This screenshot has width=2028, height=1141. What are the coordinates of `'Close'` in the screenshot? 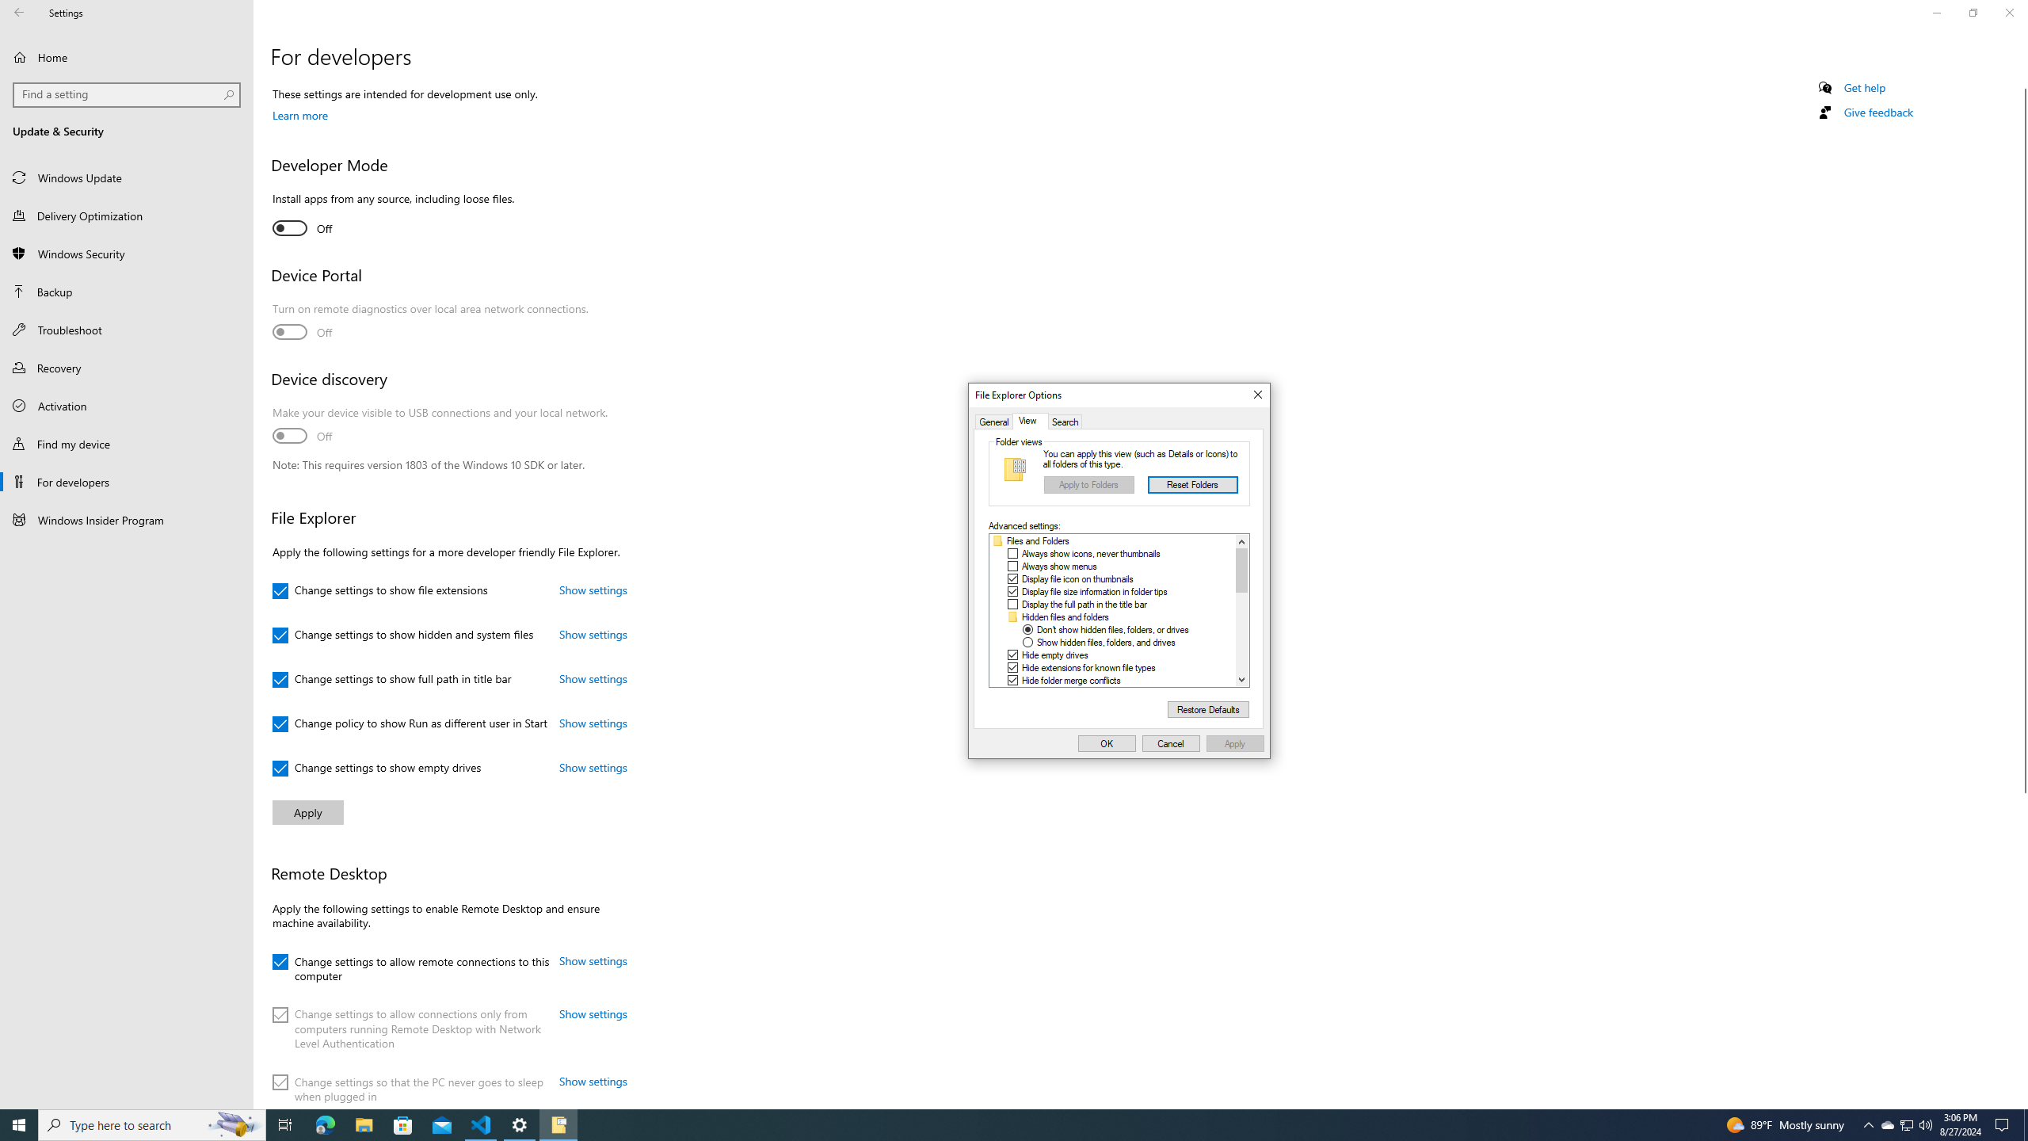 It's located at (1256, 394).